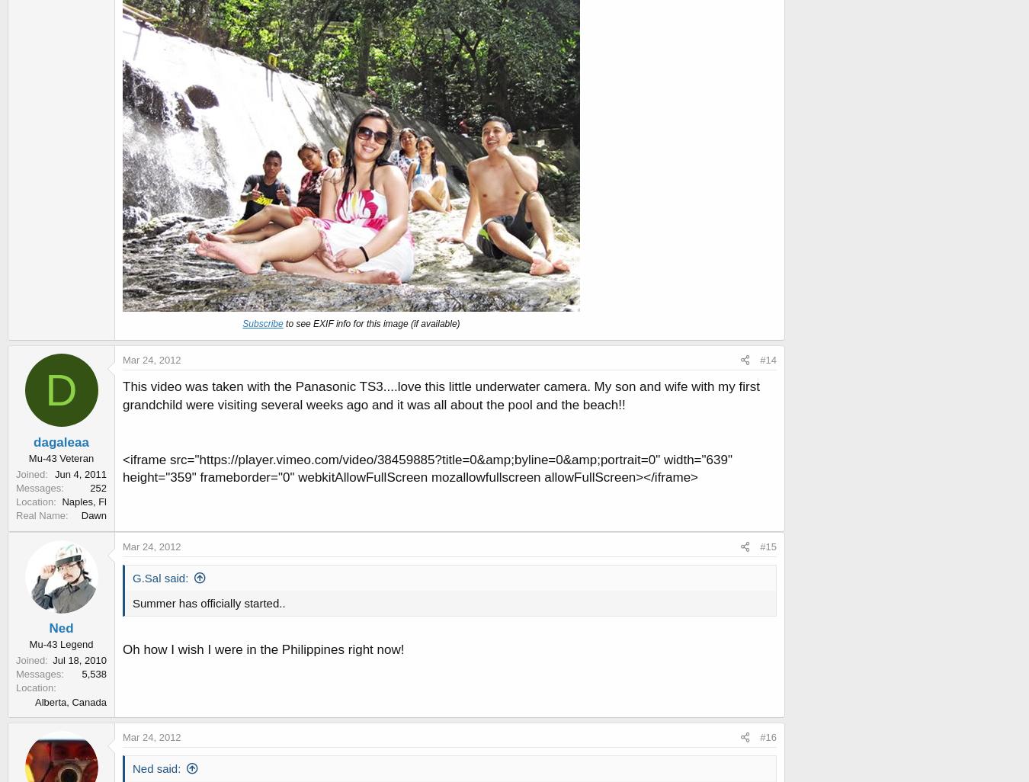 This screenshot has width=1029, height=782. I want to click on '#14', so click(768, 359).